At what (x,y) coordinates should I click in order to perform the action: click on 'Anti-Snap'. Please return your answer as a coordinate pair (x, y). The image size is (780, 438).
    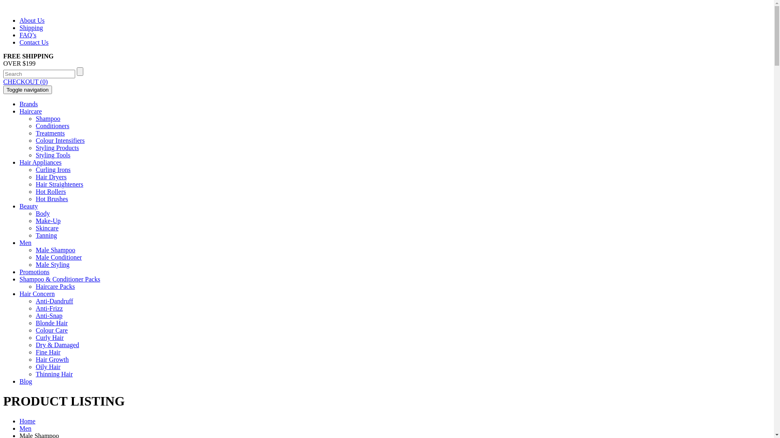
    Looking at the image, I should click on (48, 315).